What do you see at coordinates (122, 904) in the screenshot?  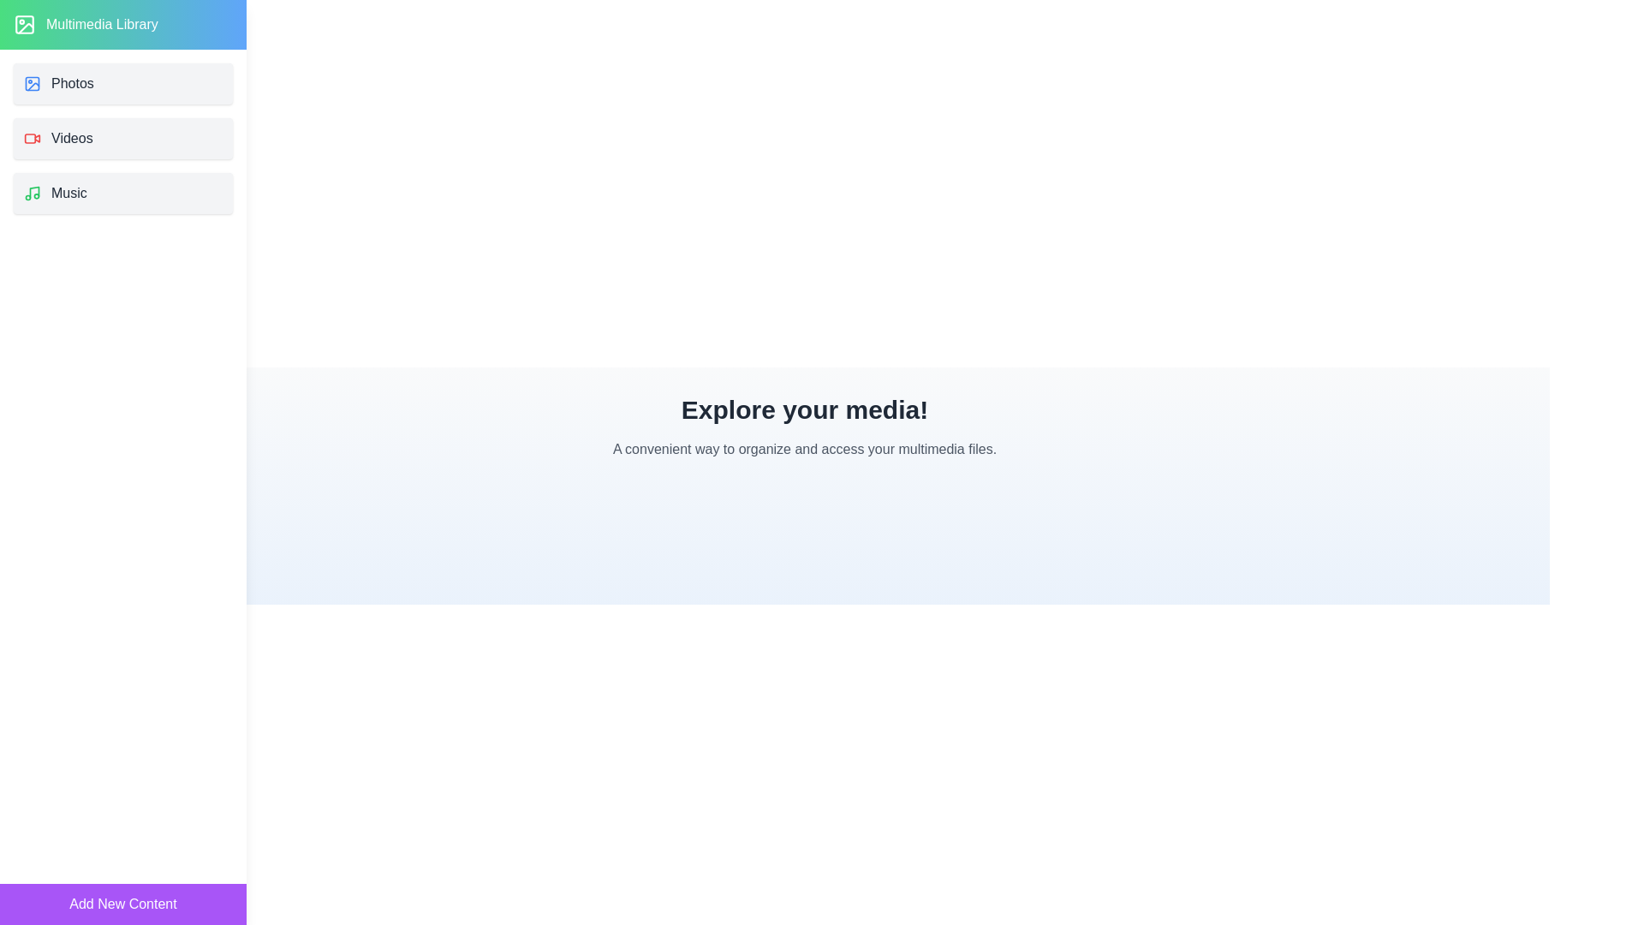 I see `the 'Add New Content' button to add new content` at bounding box center [122, 904].